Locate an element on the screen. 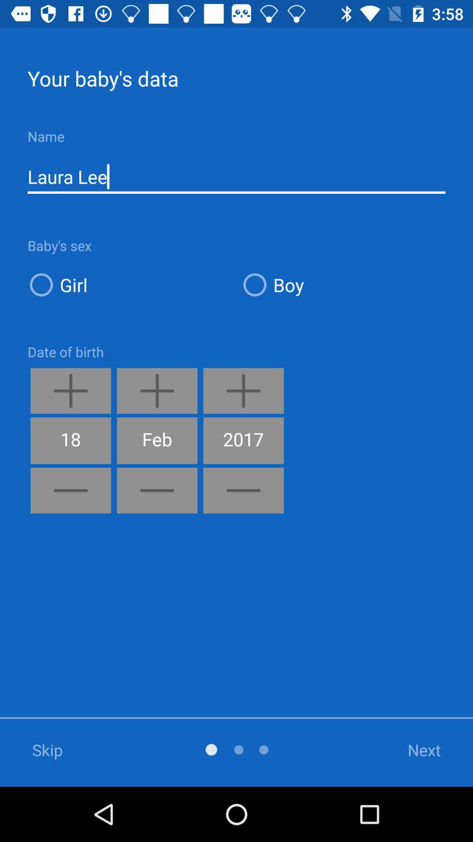 This screenshot has width=473, height=842. the item next to girl item is located at coordinates (342, 285).